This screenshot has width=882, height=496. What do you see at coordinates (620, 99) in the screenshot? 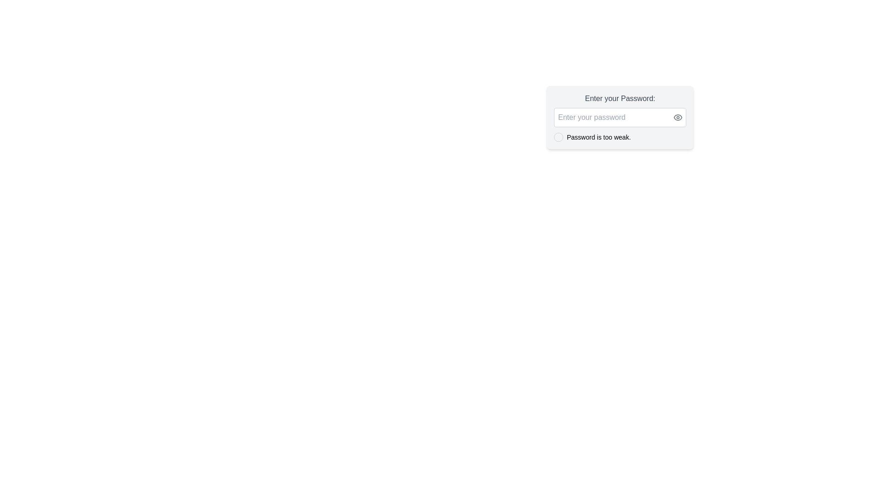
I see `the label that provides instructions for the password input field, located above the associated input field and password strength indicator` at bounding box center [620, 99].